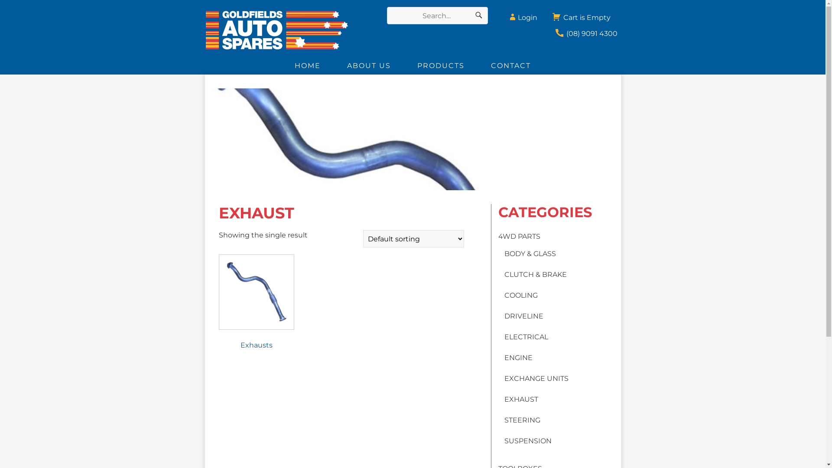  I want to click on 'COOLING', so click(504, 295).